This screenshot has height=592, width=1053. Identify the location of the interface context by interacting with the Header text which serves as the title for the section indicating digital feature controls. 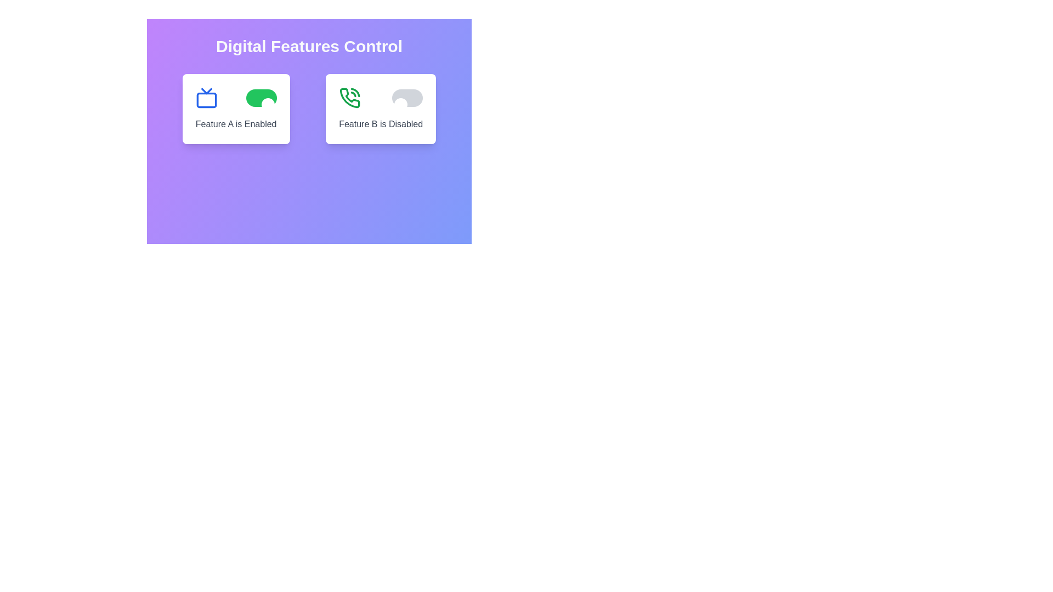
(309, 45).